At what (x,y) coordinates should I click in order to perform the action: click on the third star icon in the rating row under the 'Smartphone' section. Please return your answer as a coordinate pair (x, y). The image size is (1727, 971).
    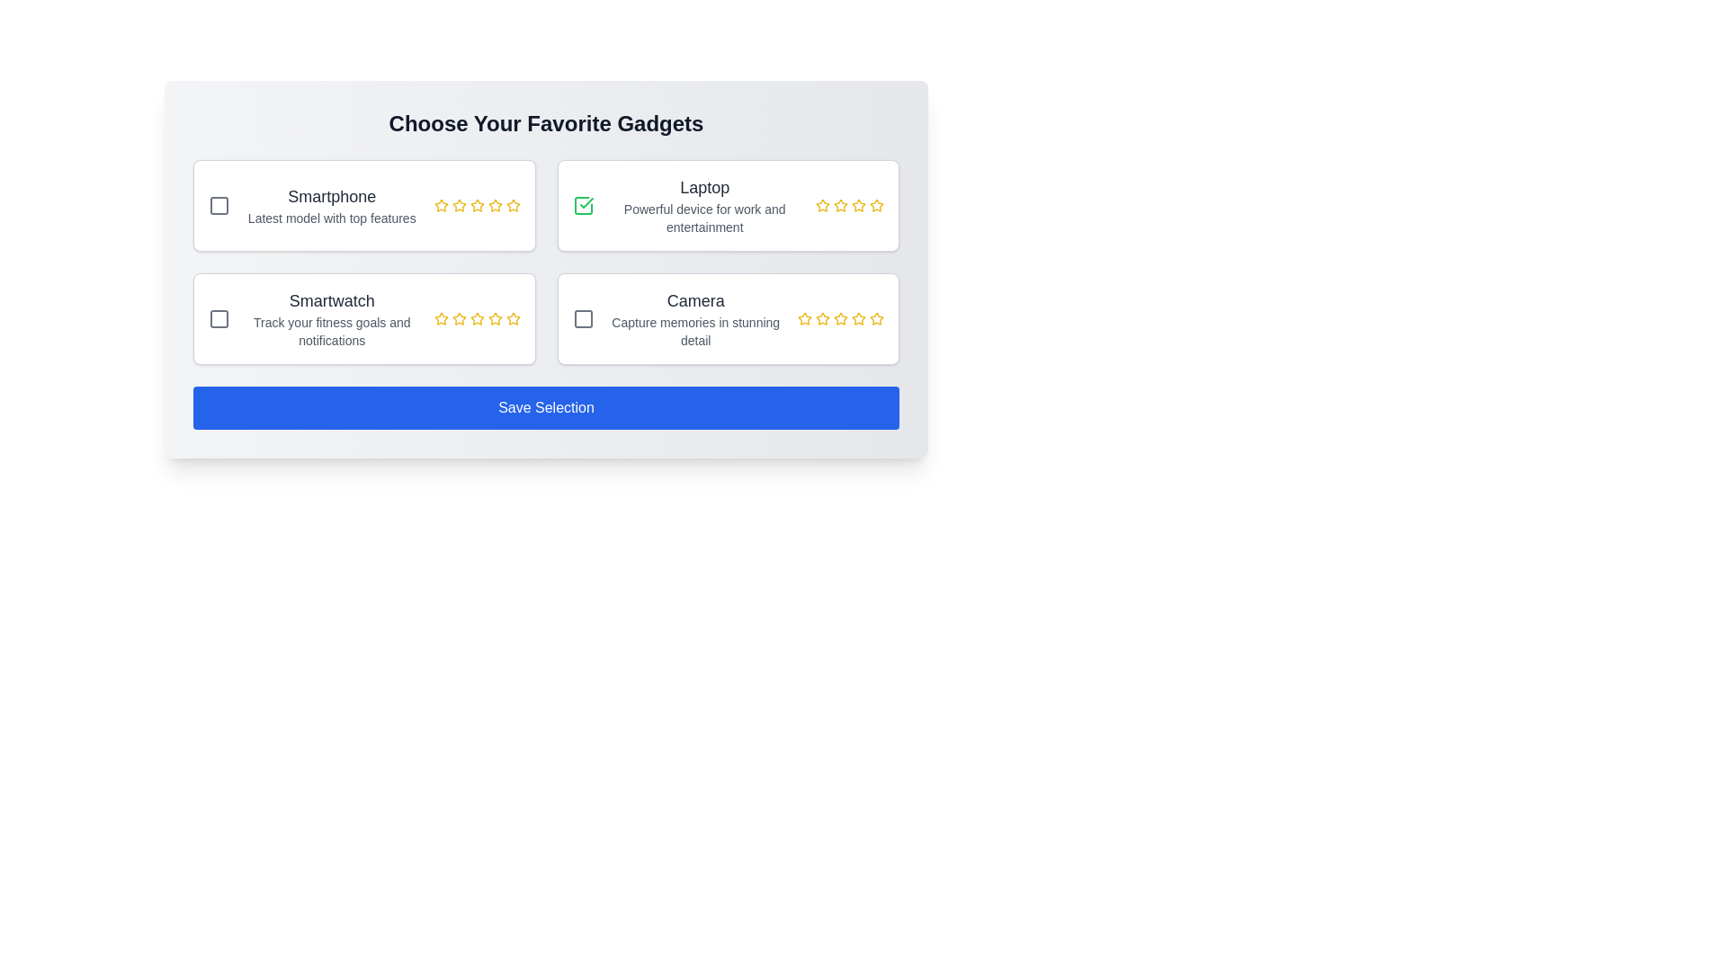
    Looking at the image, I should click on (477, 204).